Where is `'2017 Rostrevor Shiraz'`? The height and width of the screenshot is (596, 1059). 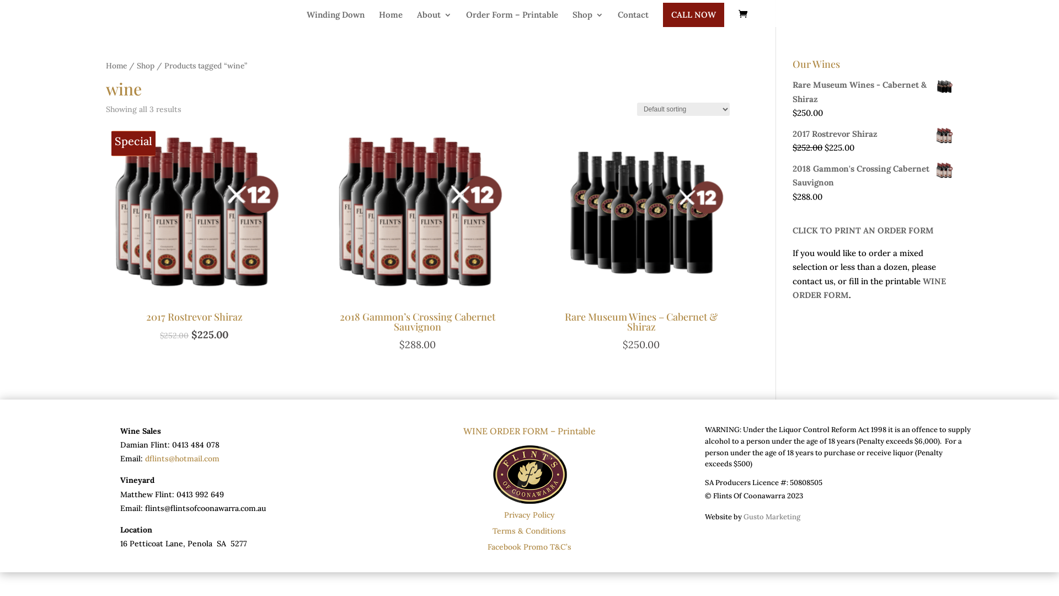 '2017 Rostrevor Shiraz' is located at coordinates (872, 134).